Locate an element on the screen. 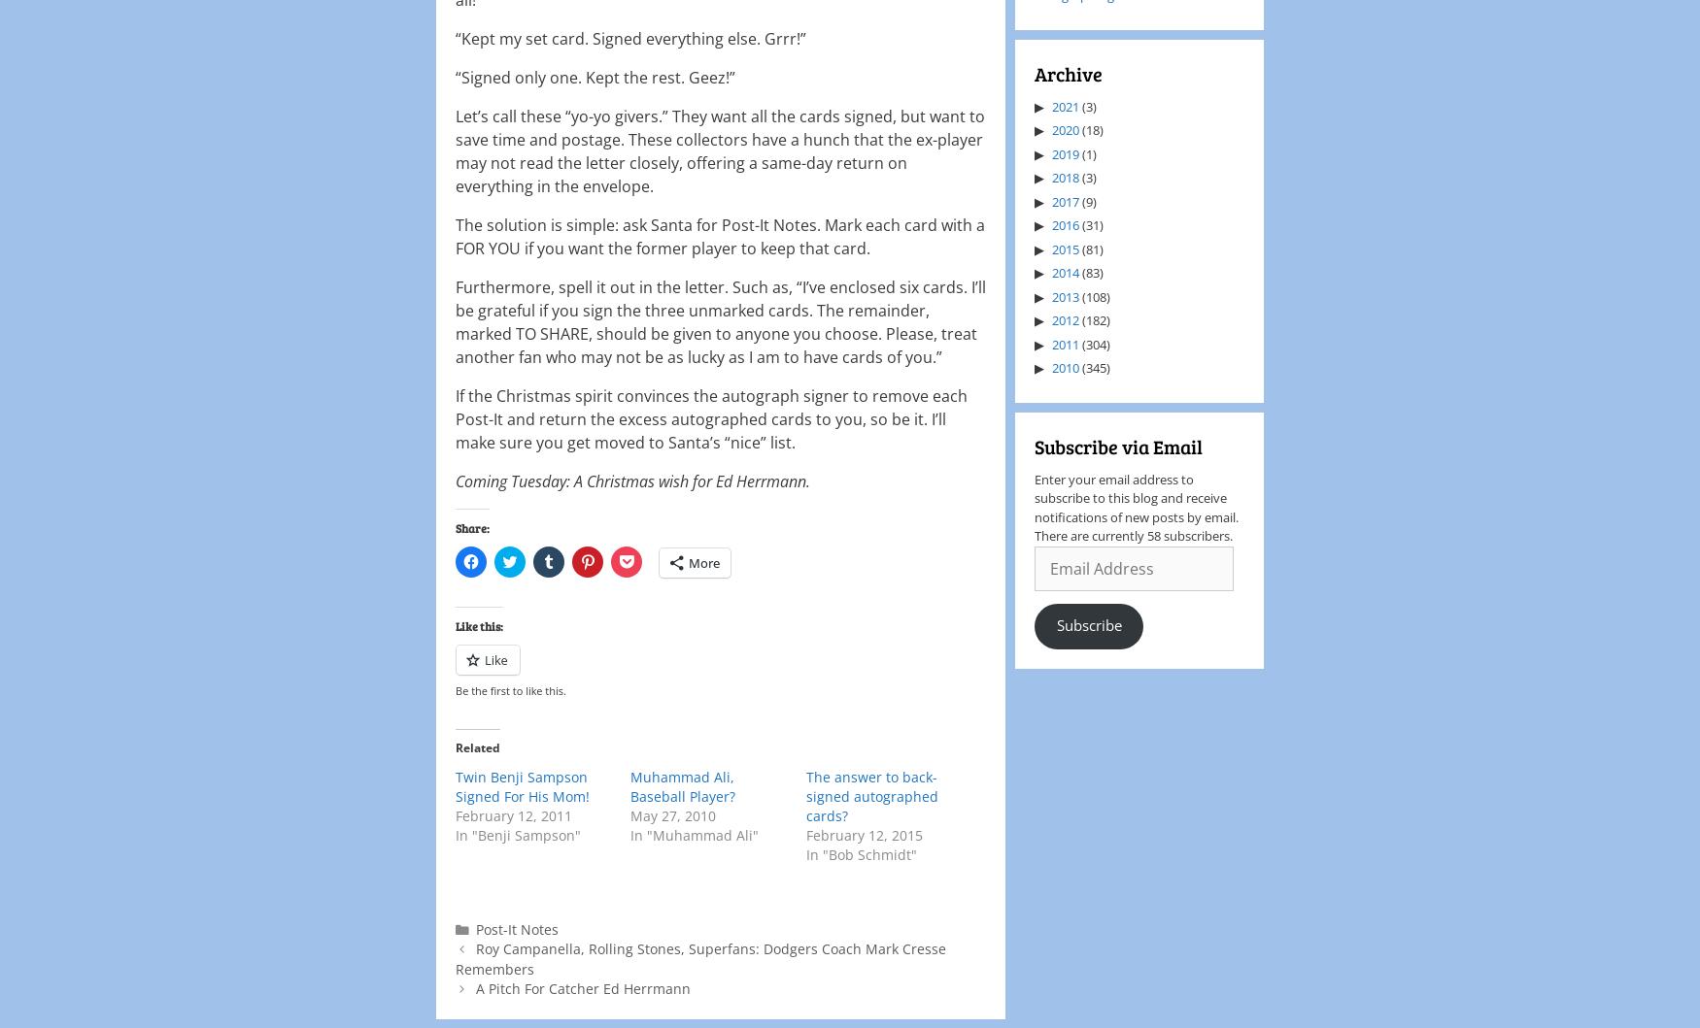  'Share:' is located at coordinates (456, 525).